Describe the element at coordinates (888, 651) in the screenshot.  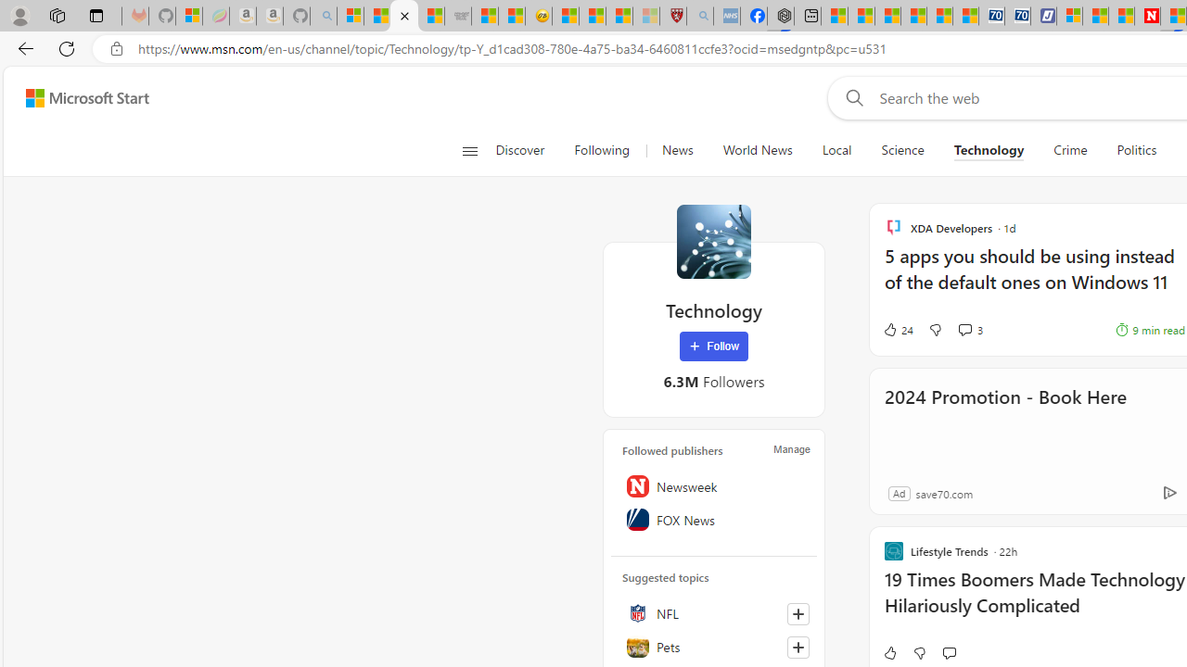
I see `'Like'` at that location.